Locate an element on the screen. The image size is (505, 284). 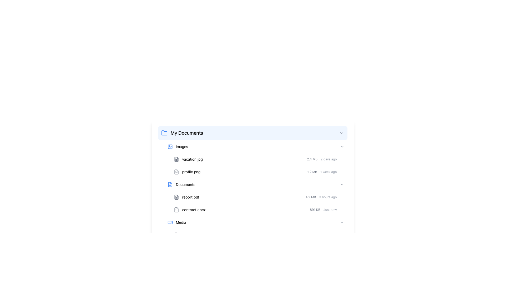
the text label displaying the file name 'report.pdf', which is located under the 'Documents' section and is the second entry in the directory interface is located at coordinates (190, 197).